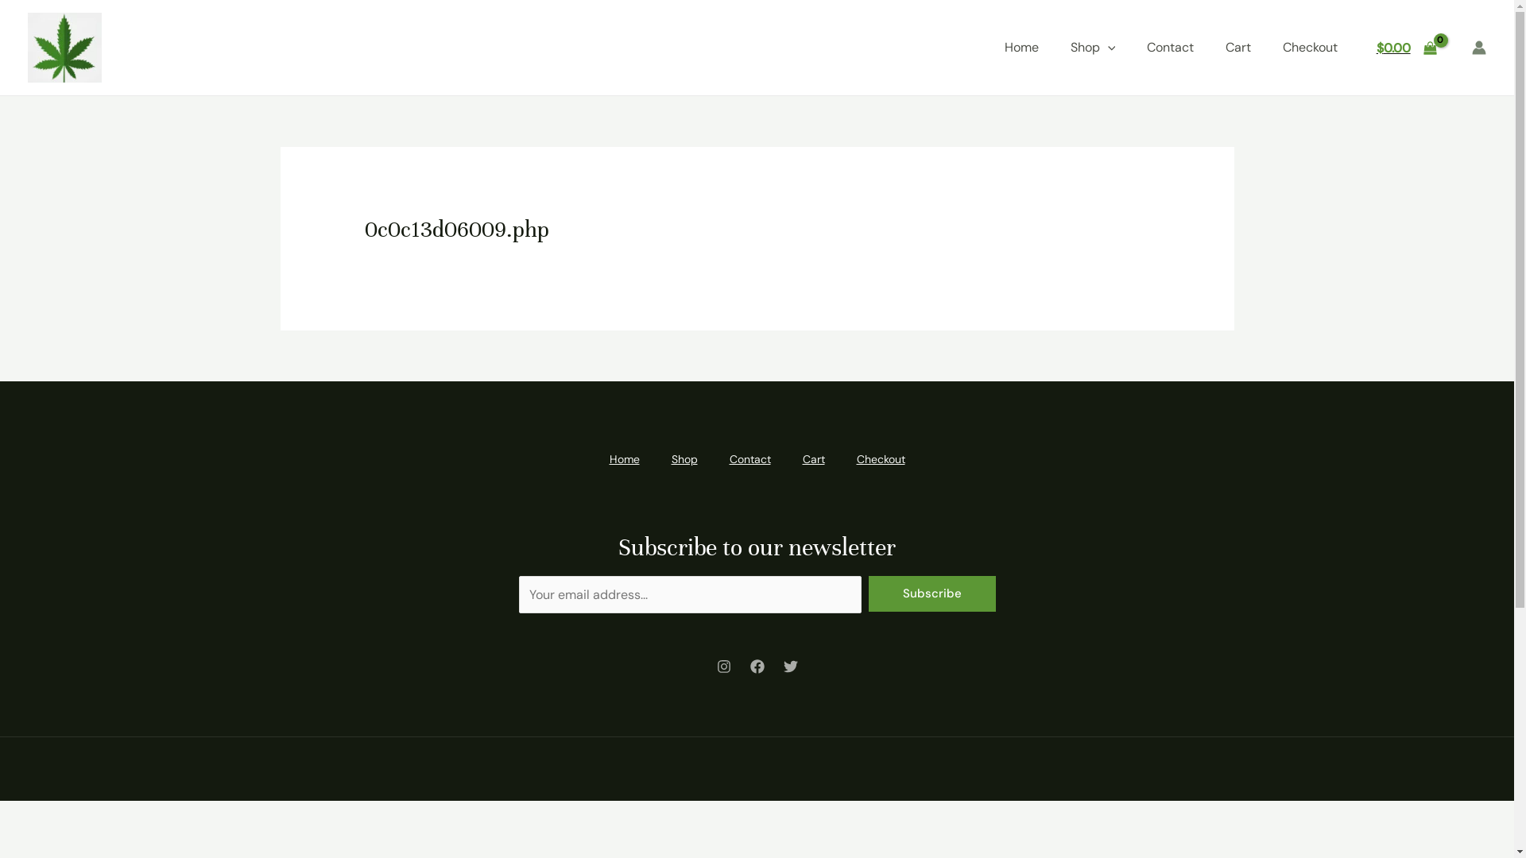  What do you see at coordinates (1237, 47) in the screenshot?
I see `'Cart'` at bounding box center [1237, 47].